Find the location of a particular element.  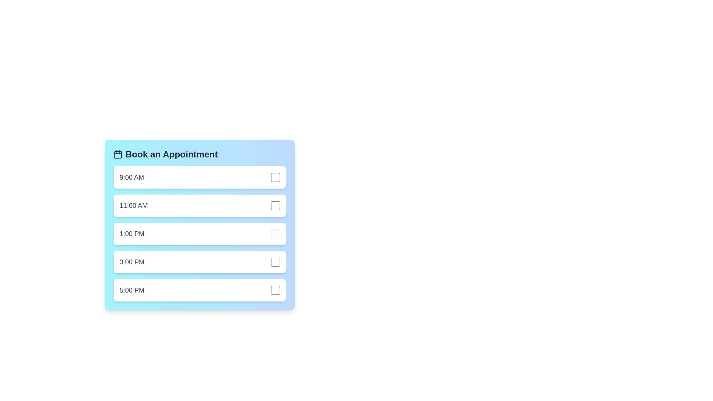

the checkbox corresponding to the 5:00 PM time slot is located at coordinates (275, 290).